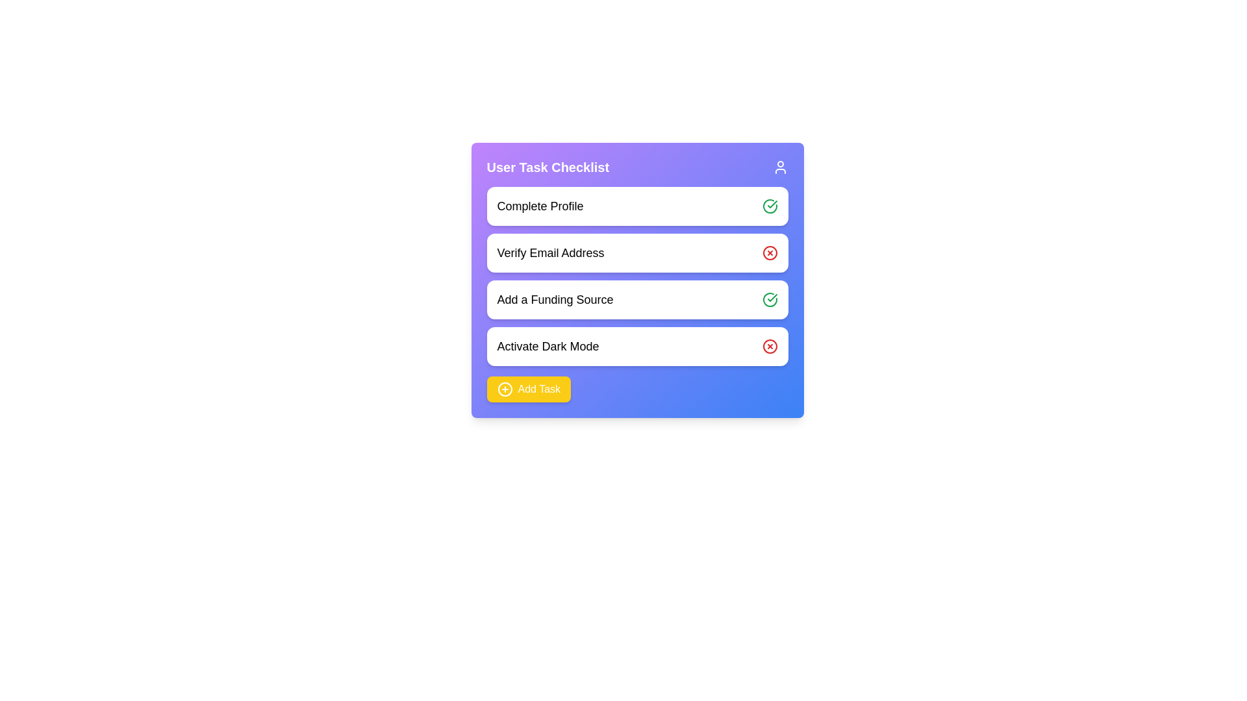  I want to click on the circular icon with a plus symbol in the center, which is part of the yellow 'Add Task' button located at the bottom of the user task checklist interface, so click(504, 389).